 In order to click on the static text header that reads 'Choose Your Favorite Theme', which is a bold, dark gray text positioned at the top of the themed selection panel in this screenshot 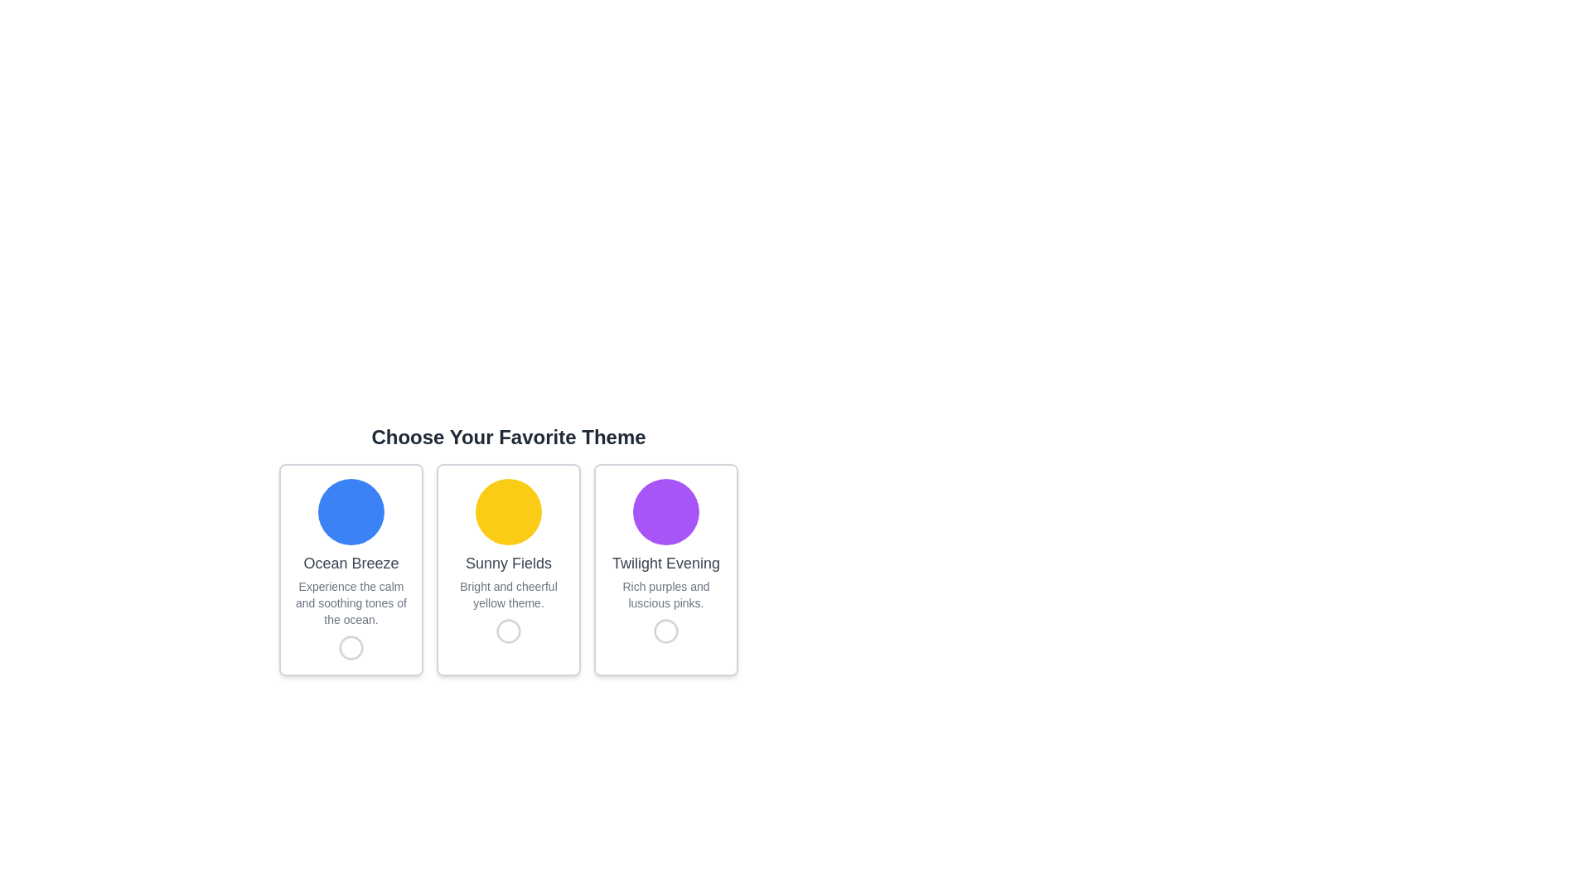, I will do `click(508, 437)`.